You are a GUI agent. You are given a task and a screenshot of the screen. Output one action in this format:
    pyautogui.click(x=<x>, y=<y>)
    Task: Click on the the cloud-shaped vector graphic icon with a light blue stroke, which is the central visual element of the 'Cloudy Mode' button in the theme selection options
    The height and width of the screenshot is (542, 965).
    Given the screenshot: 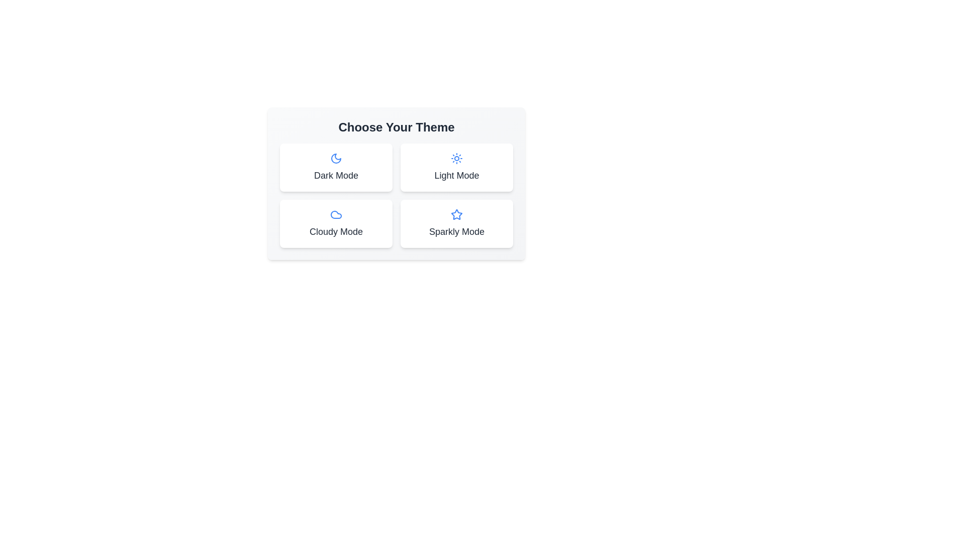 What is the action you would take?
    pyautogui.click(x=336, y=214)
    